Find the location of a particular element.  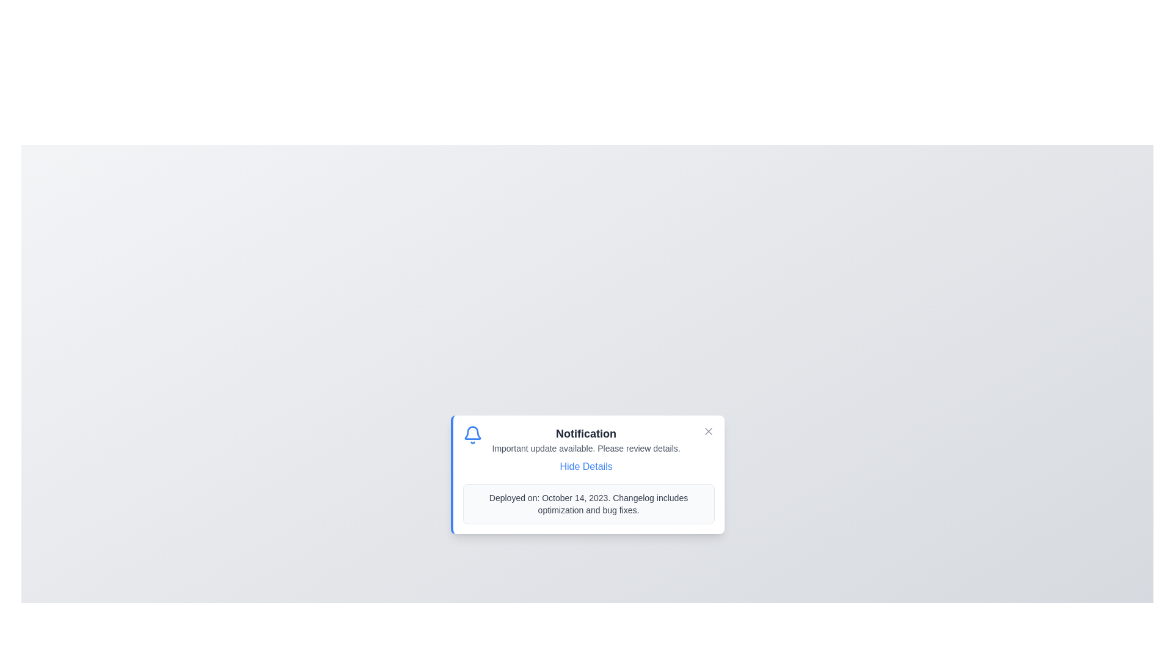

the 'Hide Details' button to toggle the visibility of the notification details section is located at coordinates (585, 466).